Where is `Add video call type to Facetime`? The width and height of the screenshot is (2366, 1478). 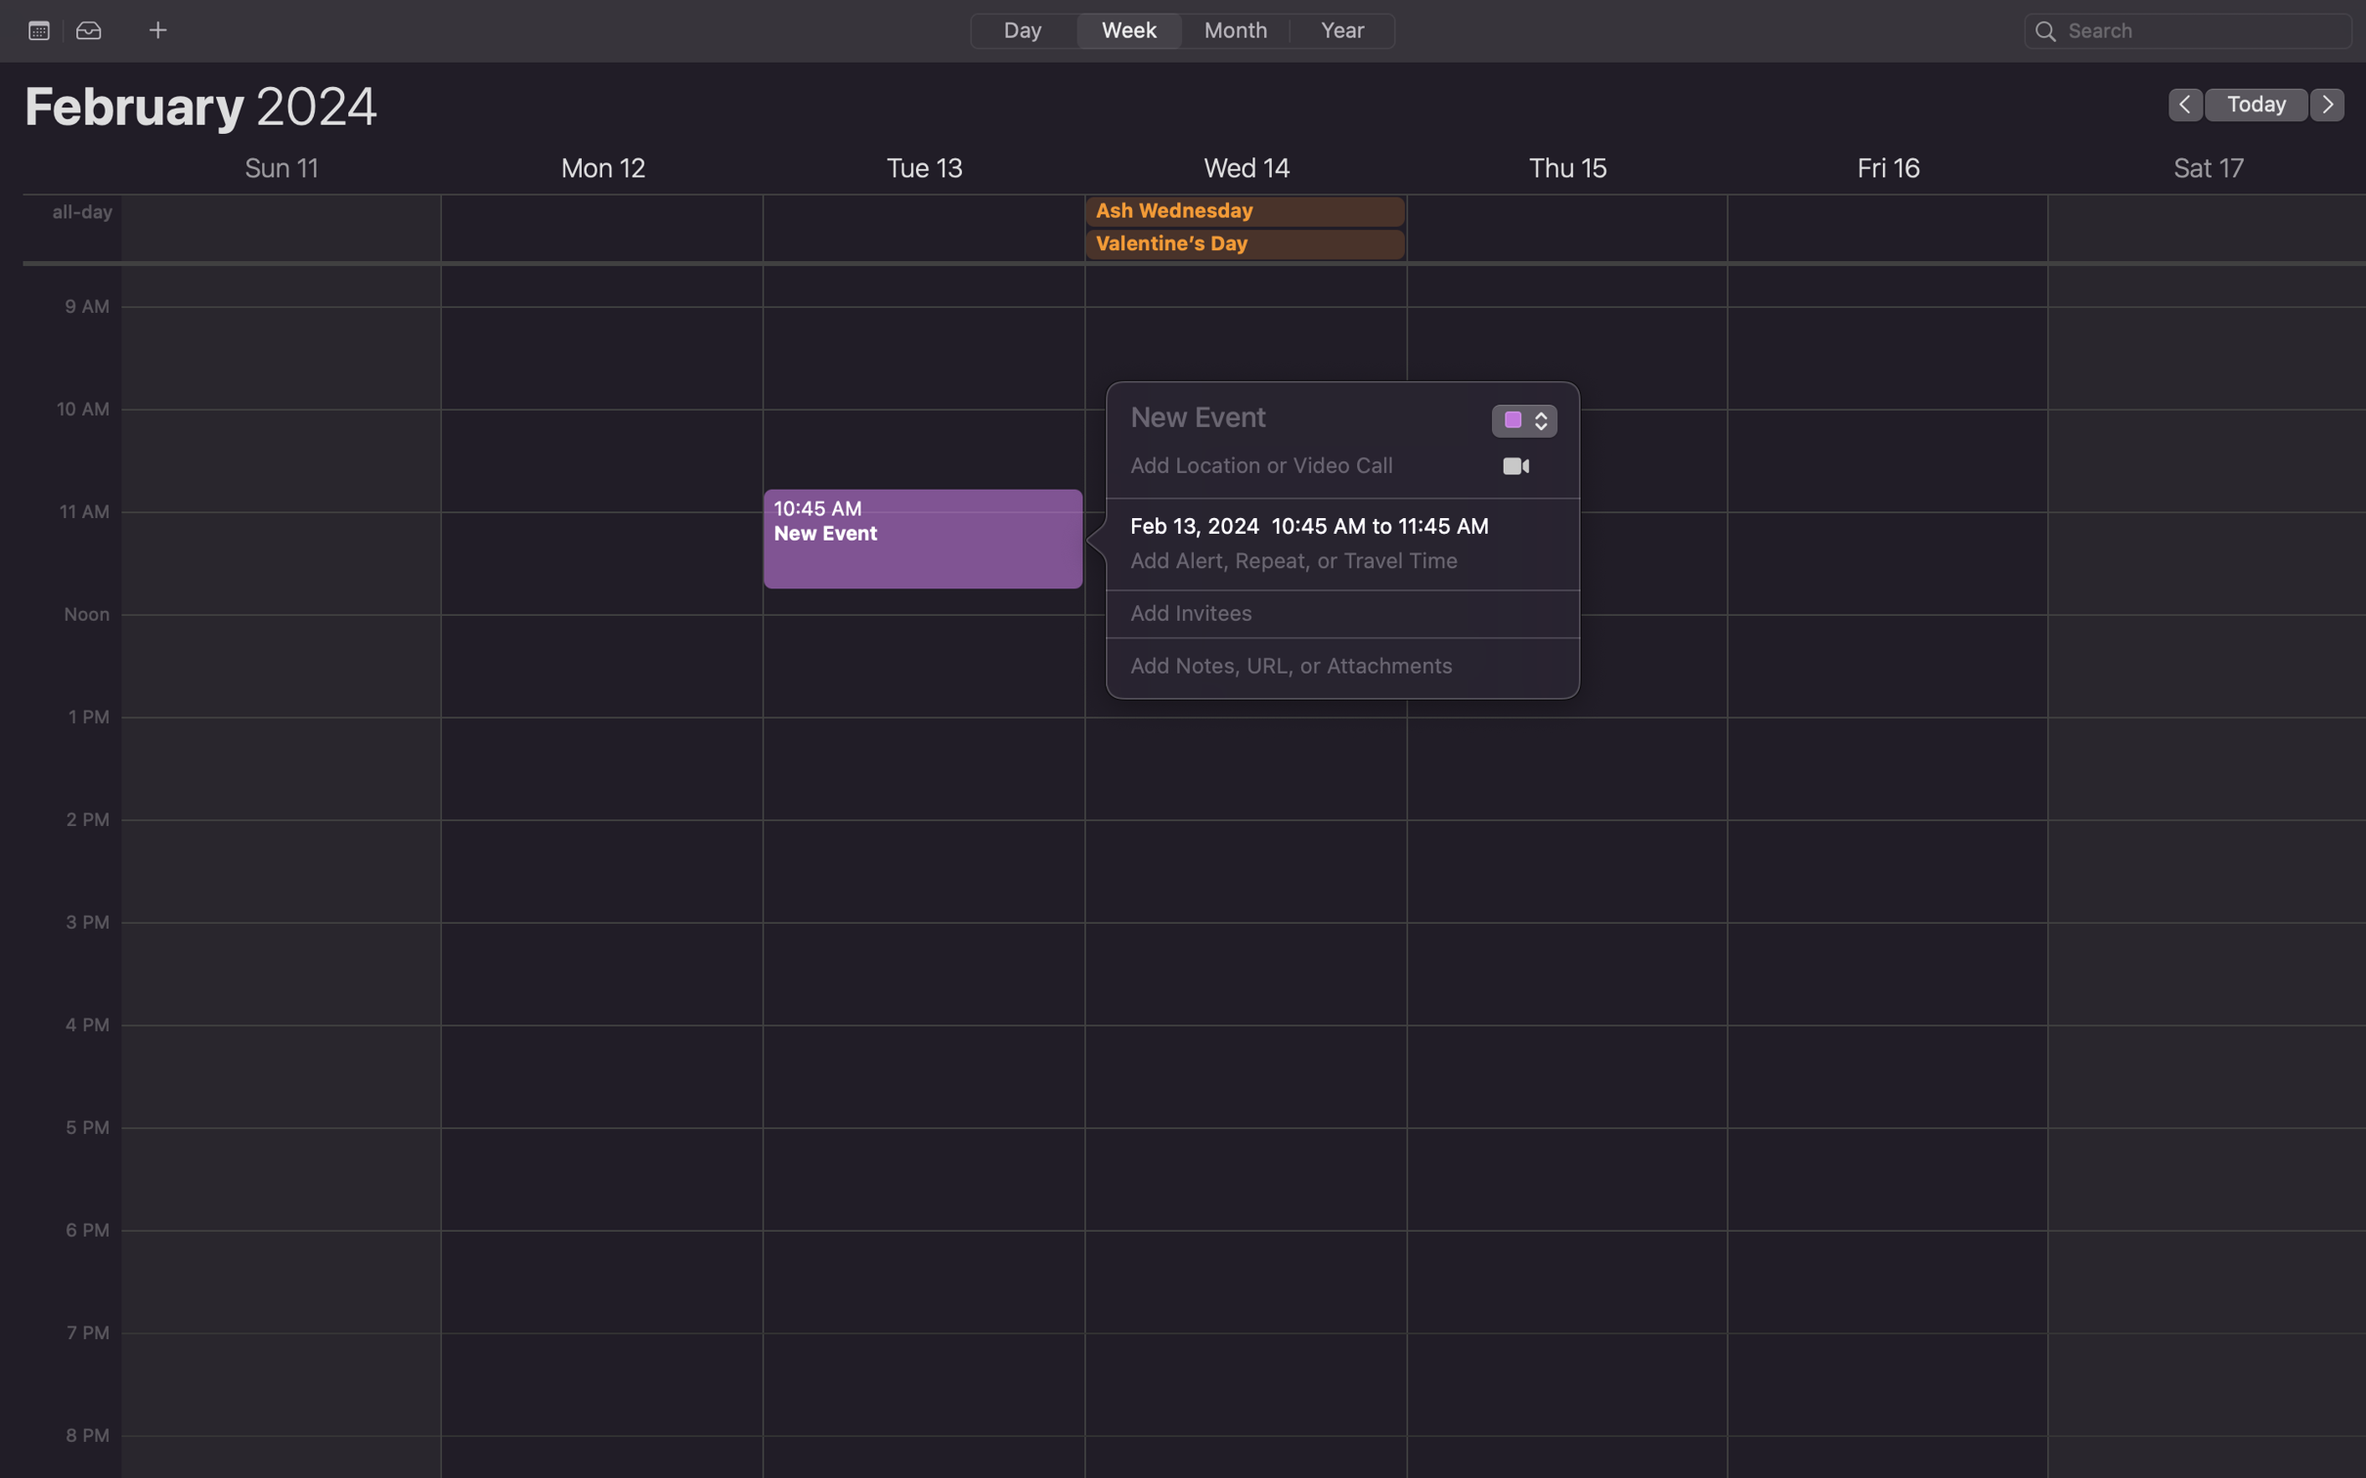 Add video call type to Facetime is located at coordinates (1515, 466).